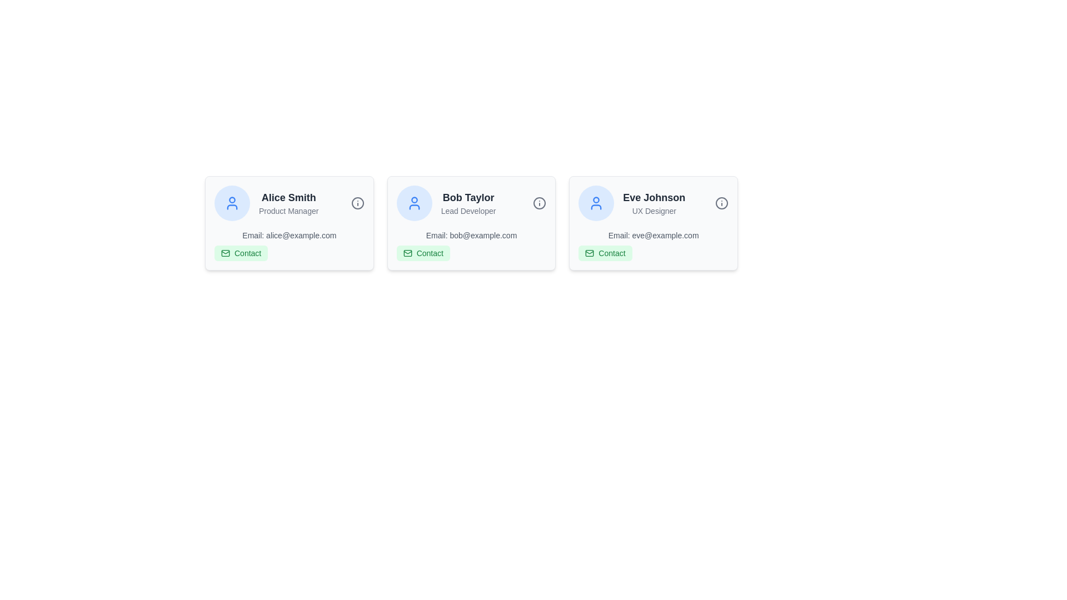 This screenshot has width=1067, height=600. Describe the element at coordinates (241, 253) in the screenshot. I see `the button located in the bottom-left corner of Alice Smith's card` at that location.